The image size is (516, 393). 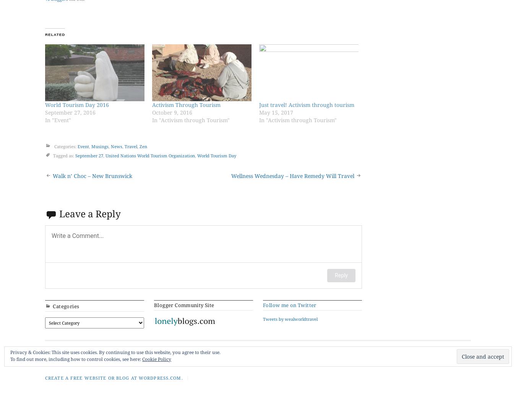 I want to click on 'Cookie Policy', so click(x=156, y=359).